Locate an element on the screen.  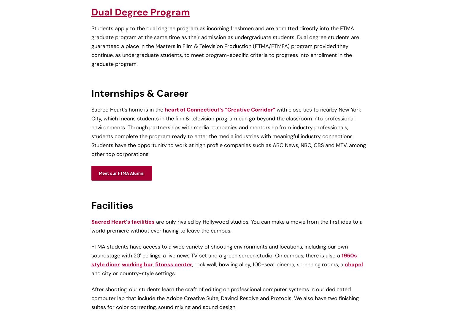
'The film and television master’s program' is located at coordinates (93, 118).